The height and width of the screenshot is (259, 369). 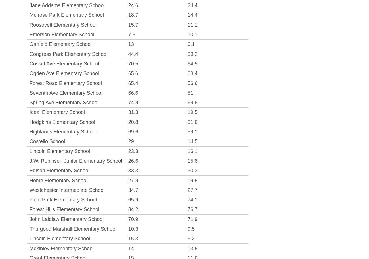 What do you see at coordinates (64, 73) in the screenshot?
I see `'Ogden Ave Elementary School'` at bounding box center [64, 73].